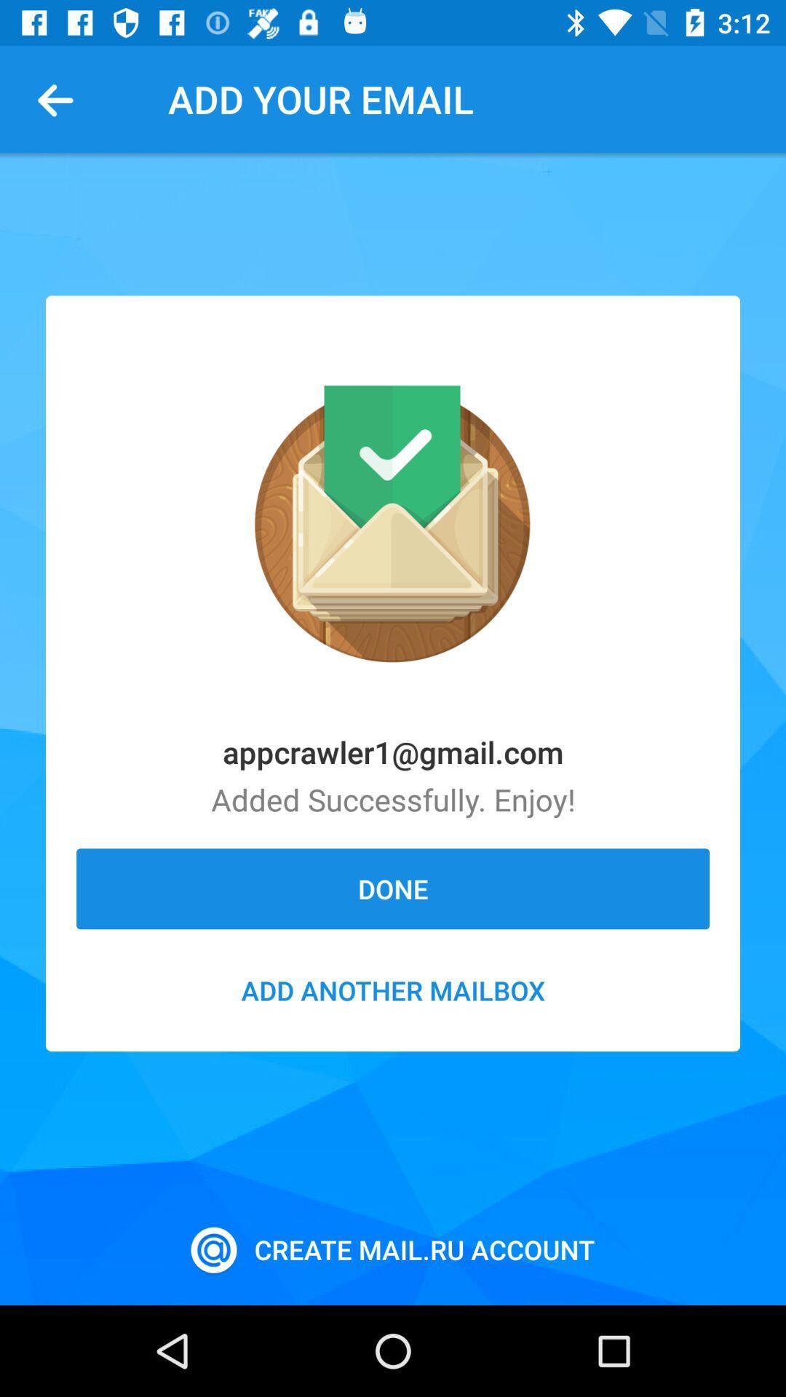 This screenshot has height=1397, width=786. What do you see at coordinates (393, 888) in the screenshot?
I see `the icon below added successfully. enjoy!` at bounding box center [393, 888].